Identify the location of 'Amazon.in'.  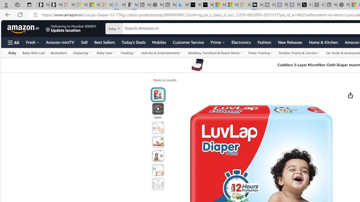
(23, 28).